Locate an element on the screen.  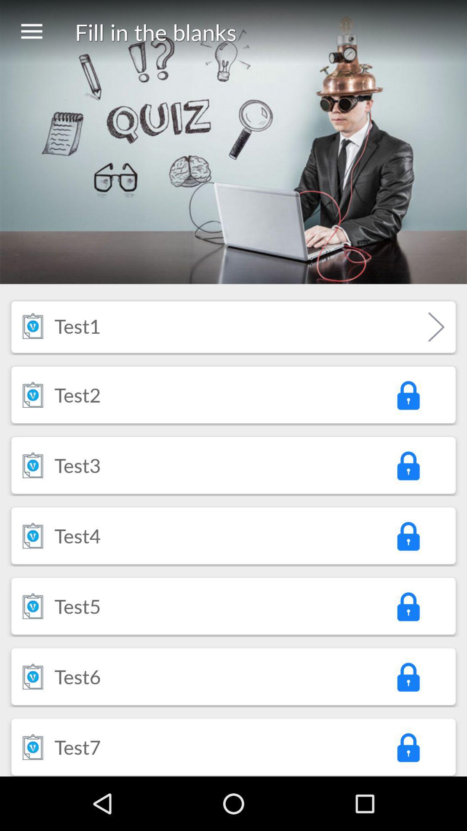
icon next to the test6 icon is located at coordinates (32, 676).